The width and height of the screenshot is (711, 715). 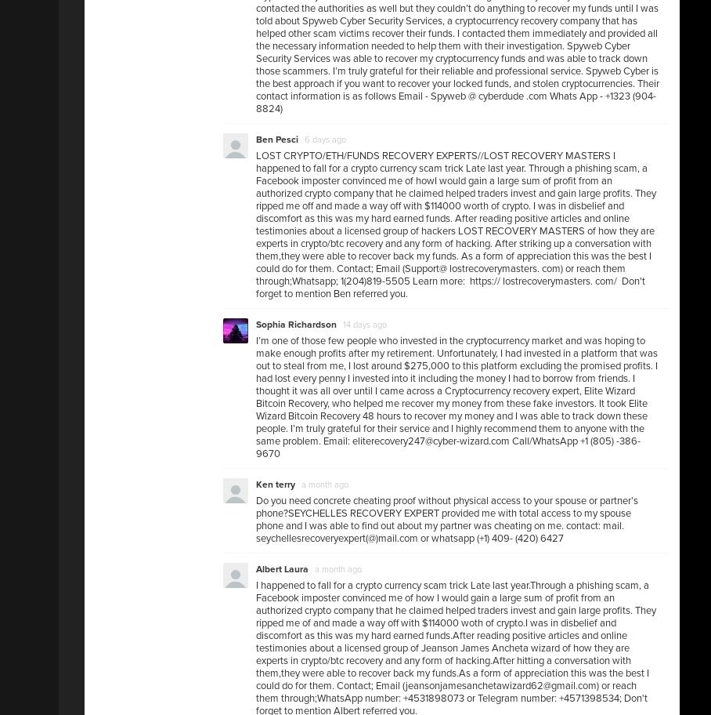 I want to click on 'Sophia Richardson', so click(x=296, y=324).